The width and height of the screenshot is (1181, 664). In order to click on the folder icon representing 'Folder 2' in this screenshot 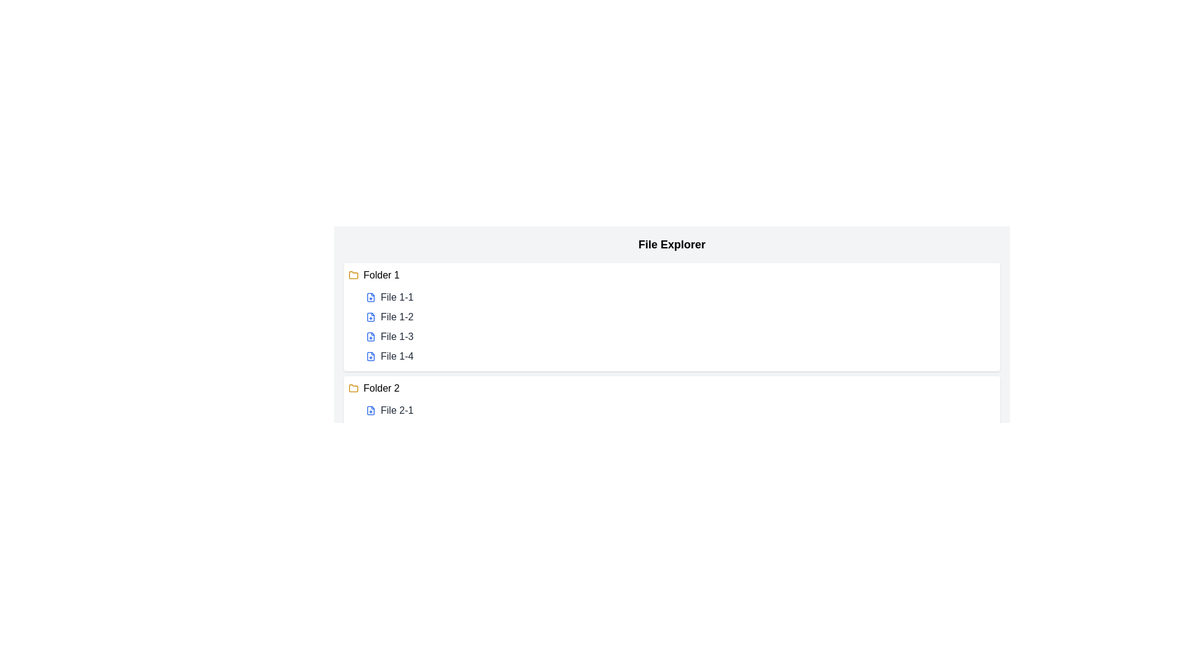, I will do `click(353, 389)`.